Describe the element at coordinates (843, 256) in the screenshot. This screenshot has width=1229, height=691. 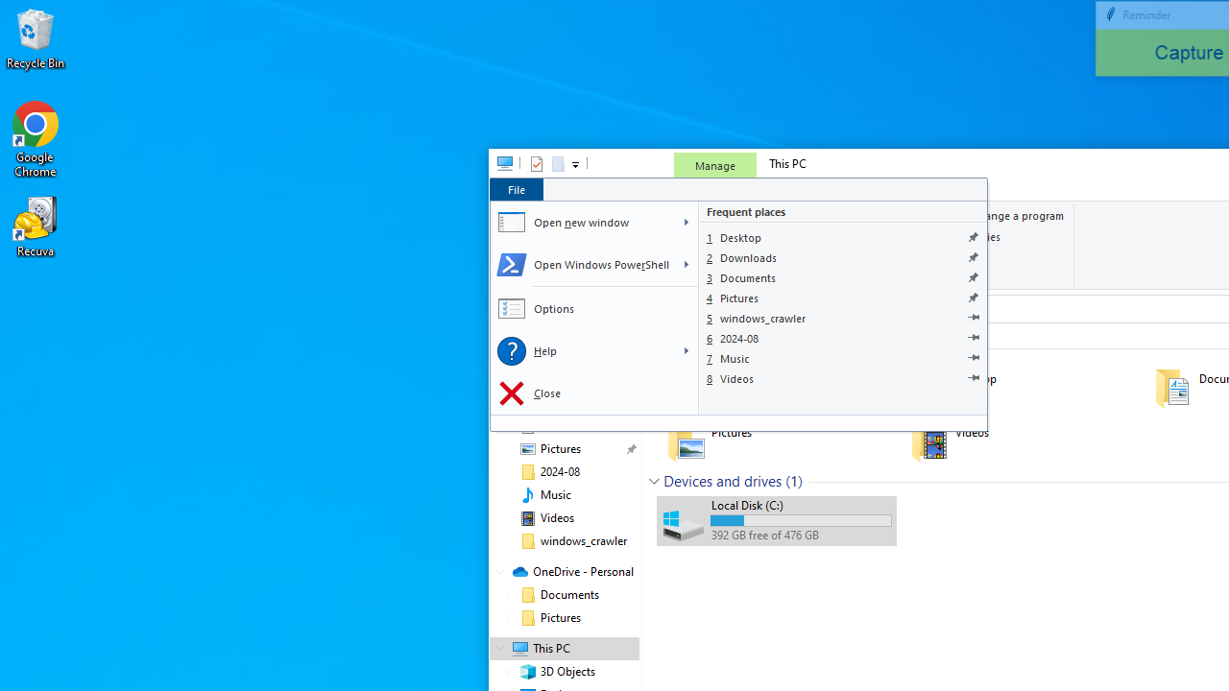
I see `'Downloads'` at that location.